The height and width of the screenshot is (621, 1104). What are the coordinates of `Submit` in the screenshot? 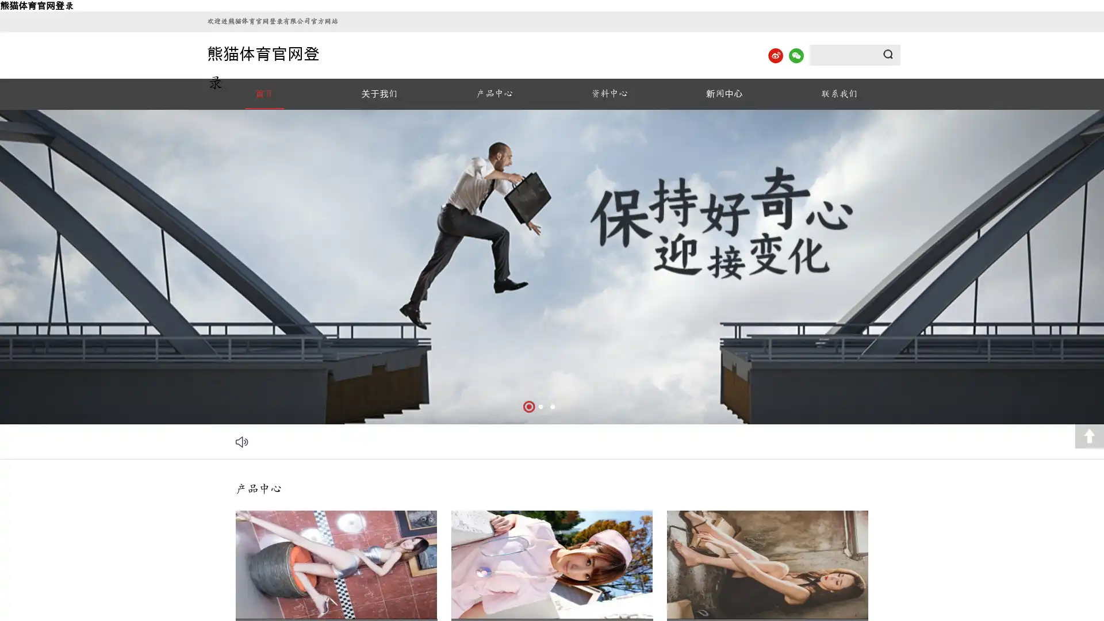 It's located at (888, 55).